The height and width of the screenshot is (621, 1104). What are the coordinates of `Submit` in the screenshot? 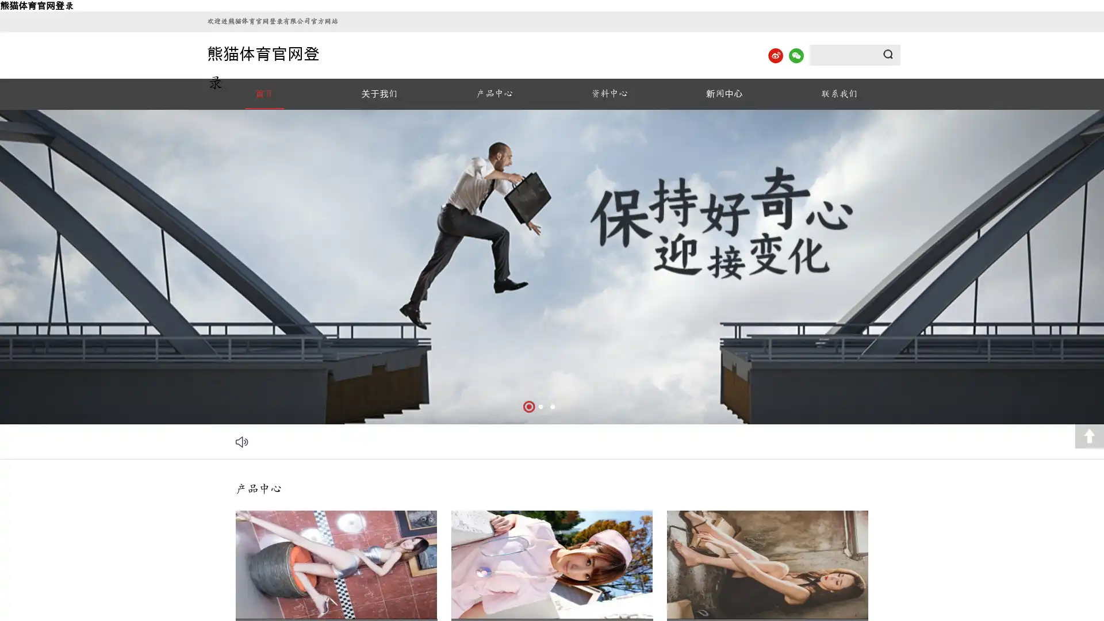 It's located at (888, 55).